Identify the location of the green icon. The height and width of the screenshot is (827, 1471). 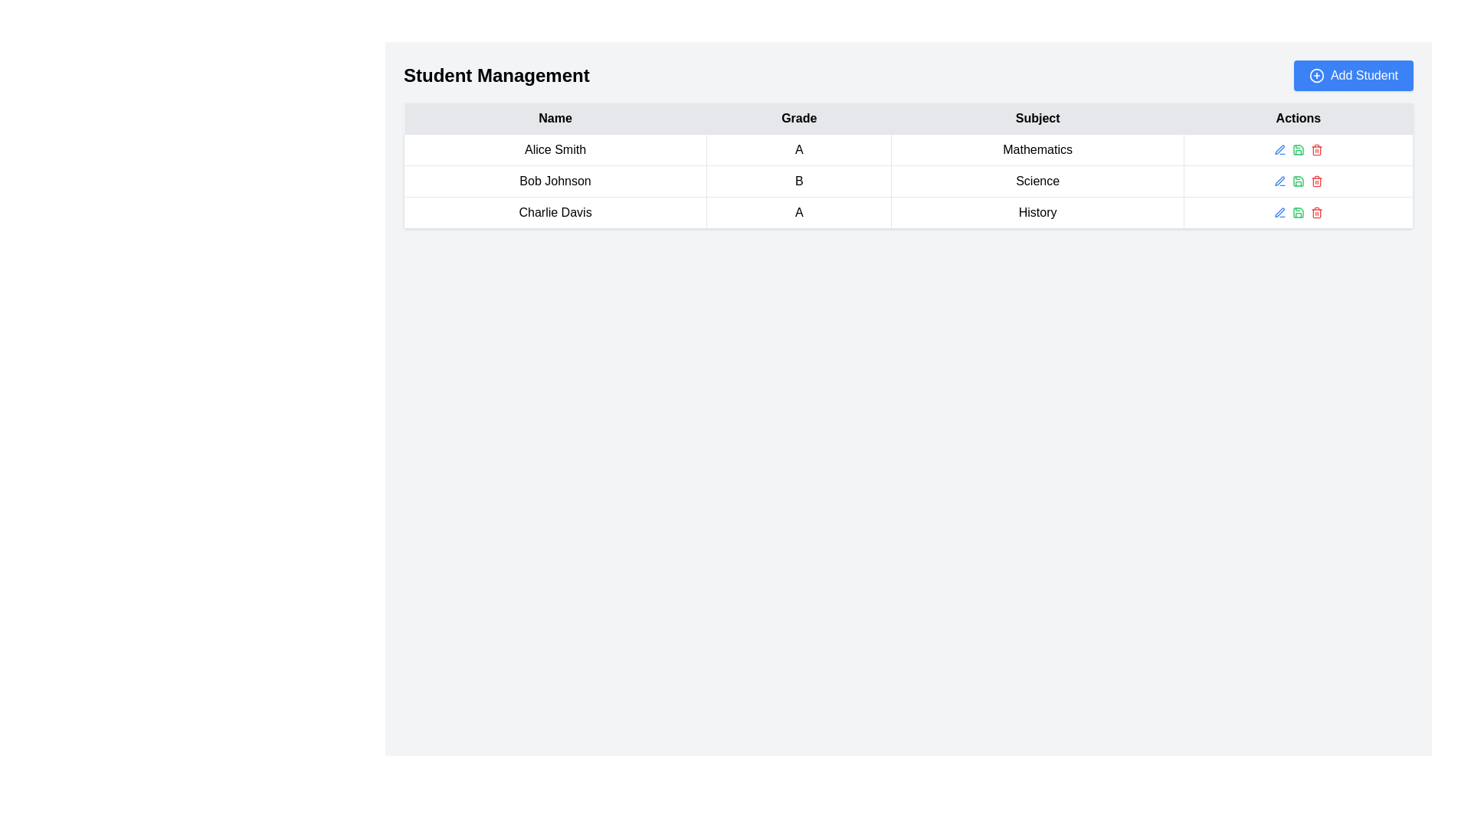
(1297, 180).